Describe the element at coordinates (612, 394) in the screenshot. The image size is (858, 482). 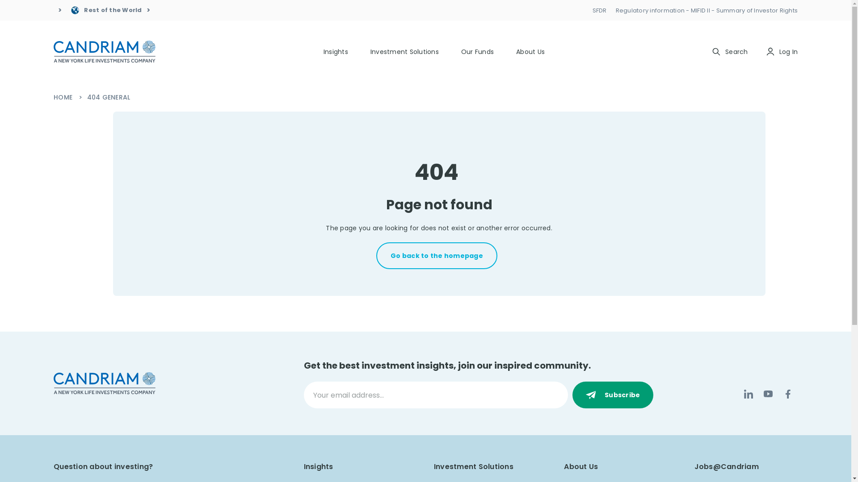
I see `'Subscribe'` at that location.